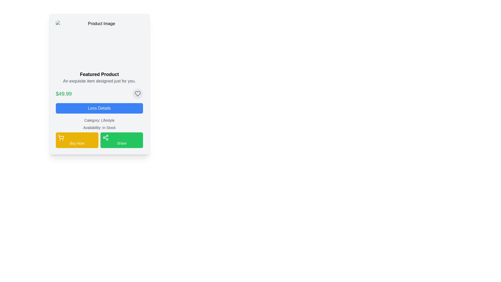 This screenshot has height=282, width=501. Describe the element at coordinates (105, 137) in the screenshot. I see `the share icon, which is a light green vector icon representing a network, located at the center of the green 'Share' button in the bottom right section of the interface` at that location.